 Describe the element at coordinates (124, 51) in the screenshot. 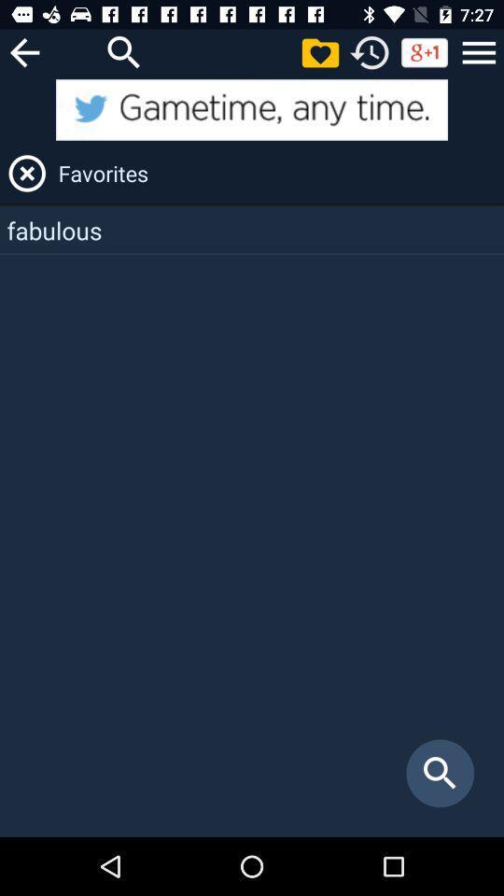

I see `search app` at that location.